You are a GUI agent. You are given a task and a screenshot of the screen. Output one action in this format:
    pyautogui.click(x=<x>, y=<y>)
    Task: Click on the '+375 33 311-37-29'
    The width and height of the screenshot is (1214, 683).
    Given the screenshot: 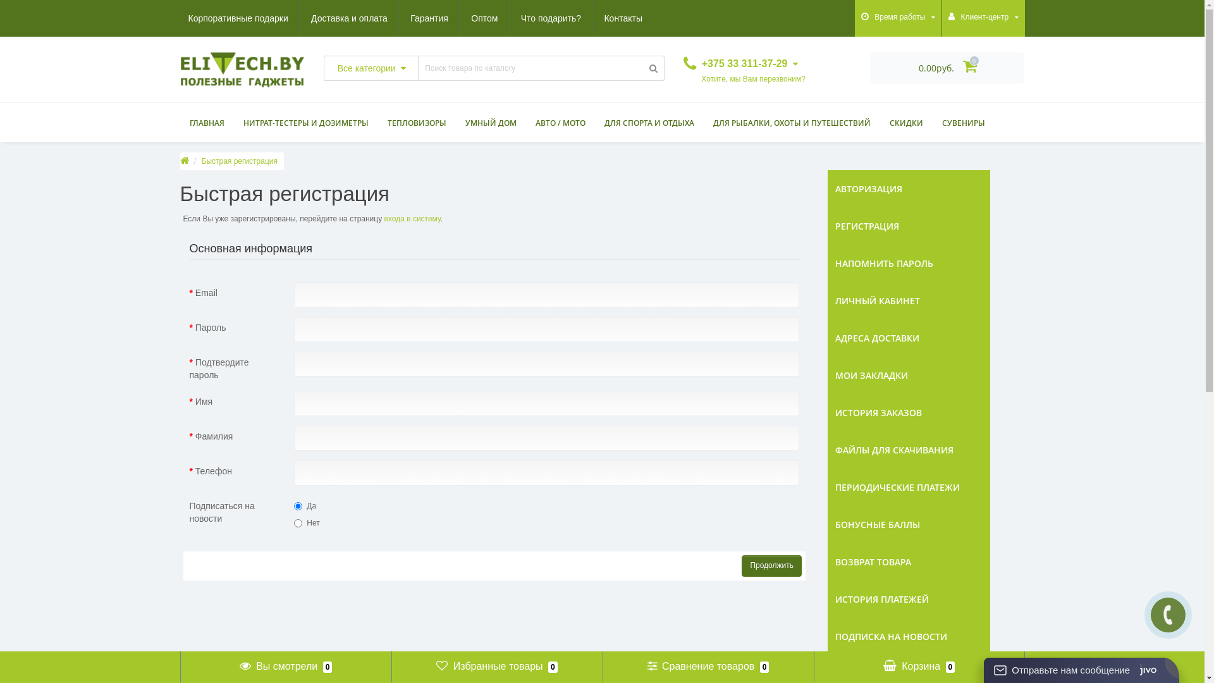 What is the action you would take?
    pyautogui.click(x=740, y=63)
    